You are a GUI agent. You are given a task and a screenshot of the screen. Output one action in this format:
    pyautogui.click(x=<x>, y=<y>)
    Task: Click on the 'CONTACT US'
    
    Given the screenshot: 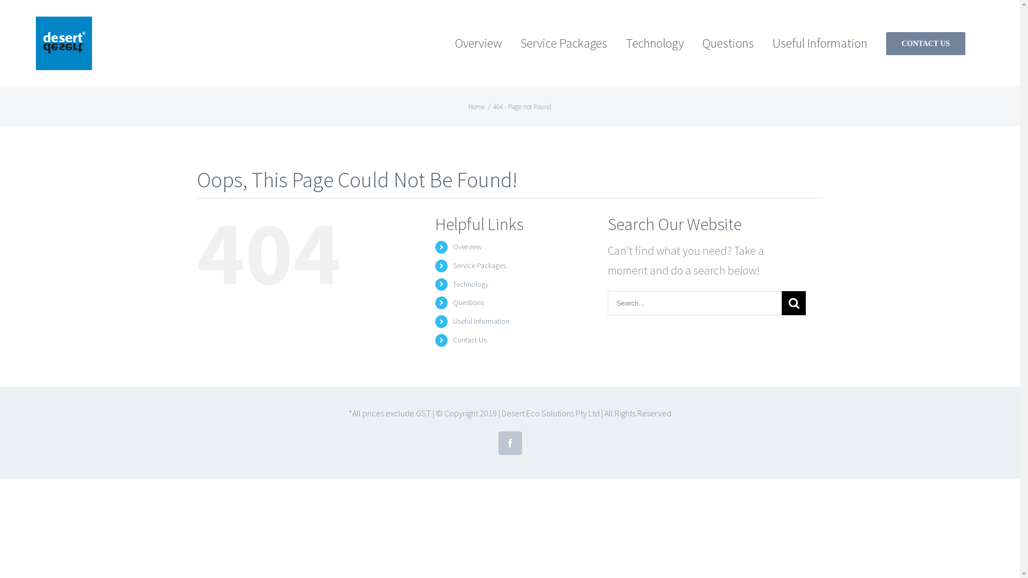 What is the action you would take?
    pyautogui.click(x=925, y=43)
    